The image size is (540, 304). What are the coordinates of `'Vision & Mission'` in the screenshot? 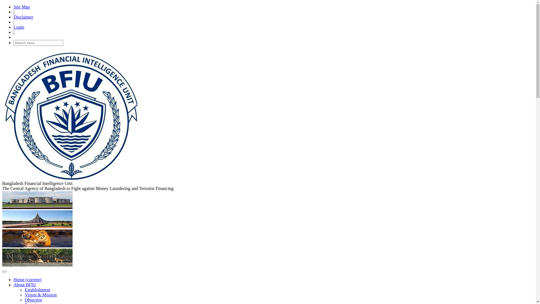 It's located at (40, 294).